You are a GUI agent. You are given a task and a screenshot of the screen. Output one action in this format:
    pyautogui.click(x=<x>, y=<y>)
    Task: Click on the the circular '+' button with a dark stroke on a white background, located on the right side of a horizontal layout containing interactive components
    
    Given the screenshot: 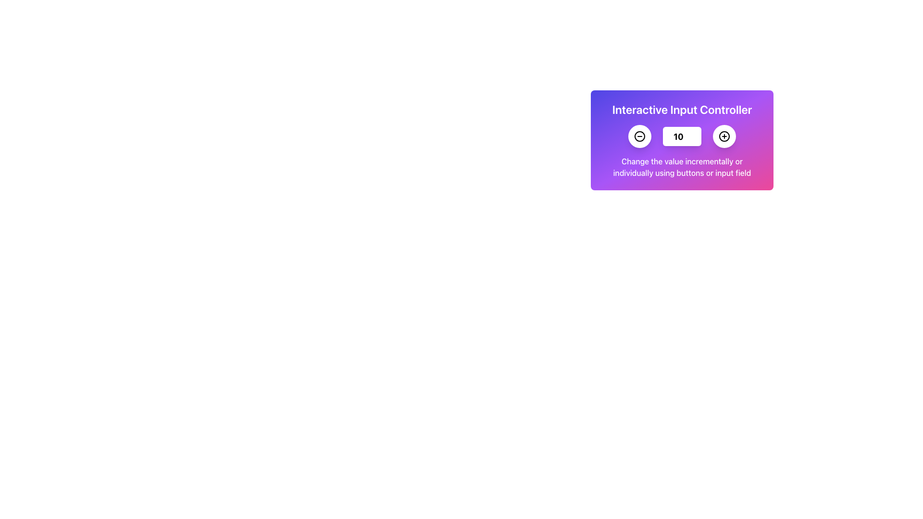 What is the action you would take?
    pyautogui.click(x=724, y=136)
    